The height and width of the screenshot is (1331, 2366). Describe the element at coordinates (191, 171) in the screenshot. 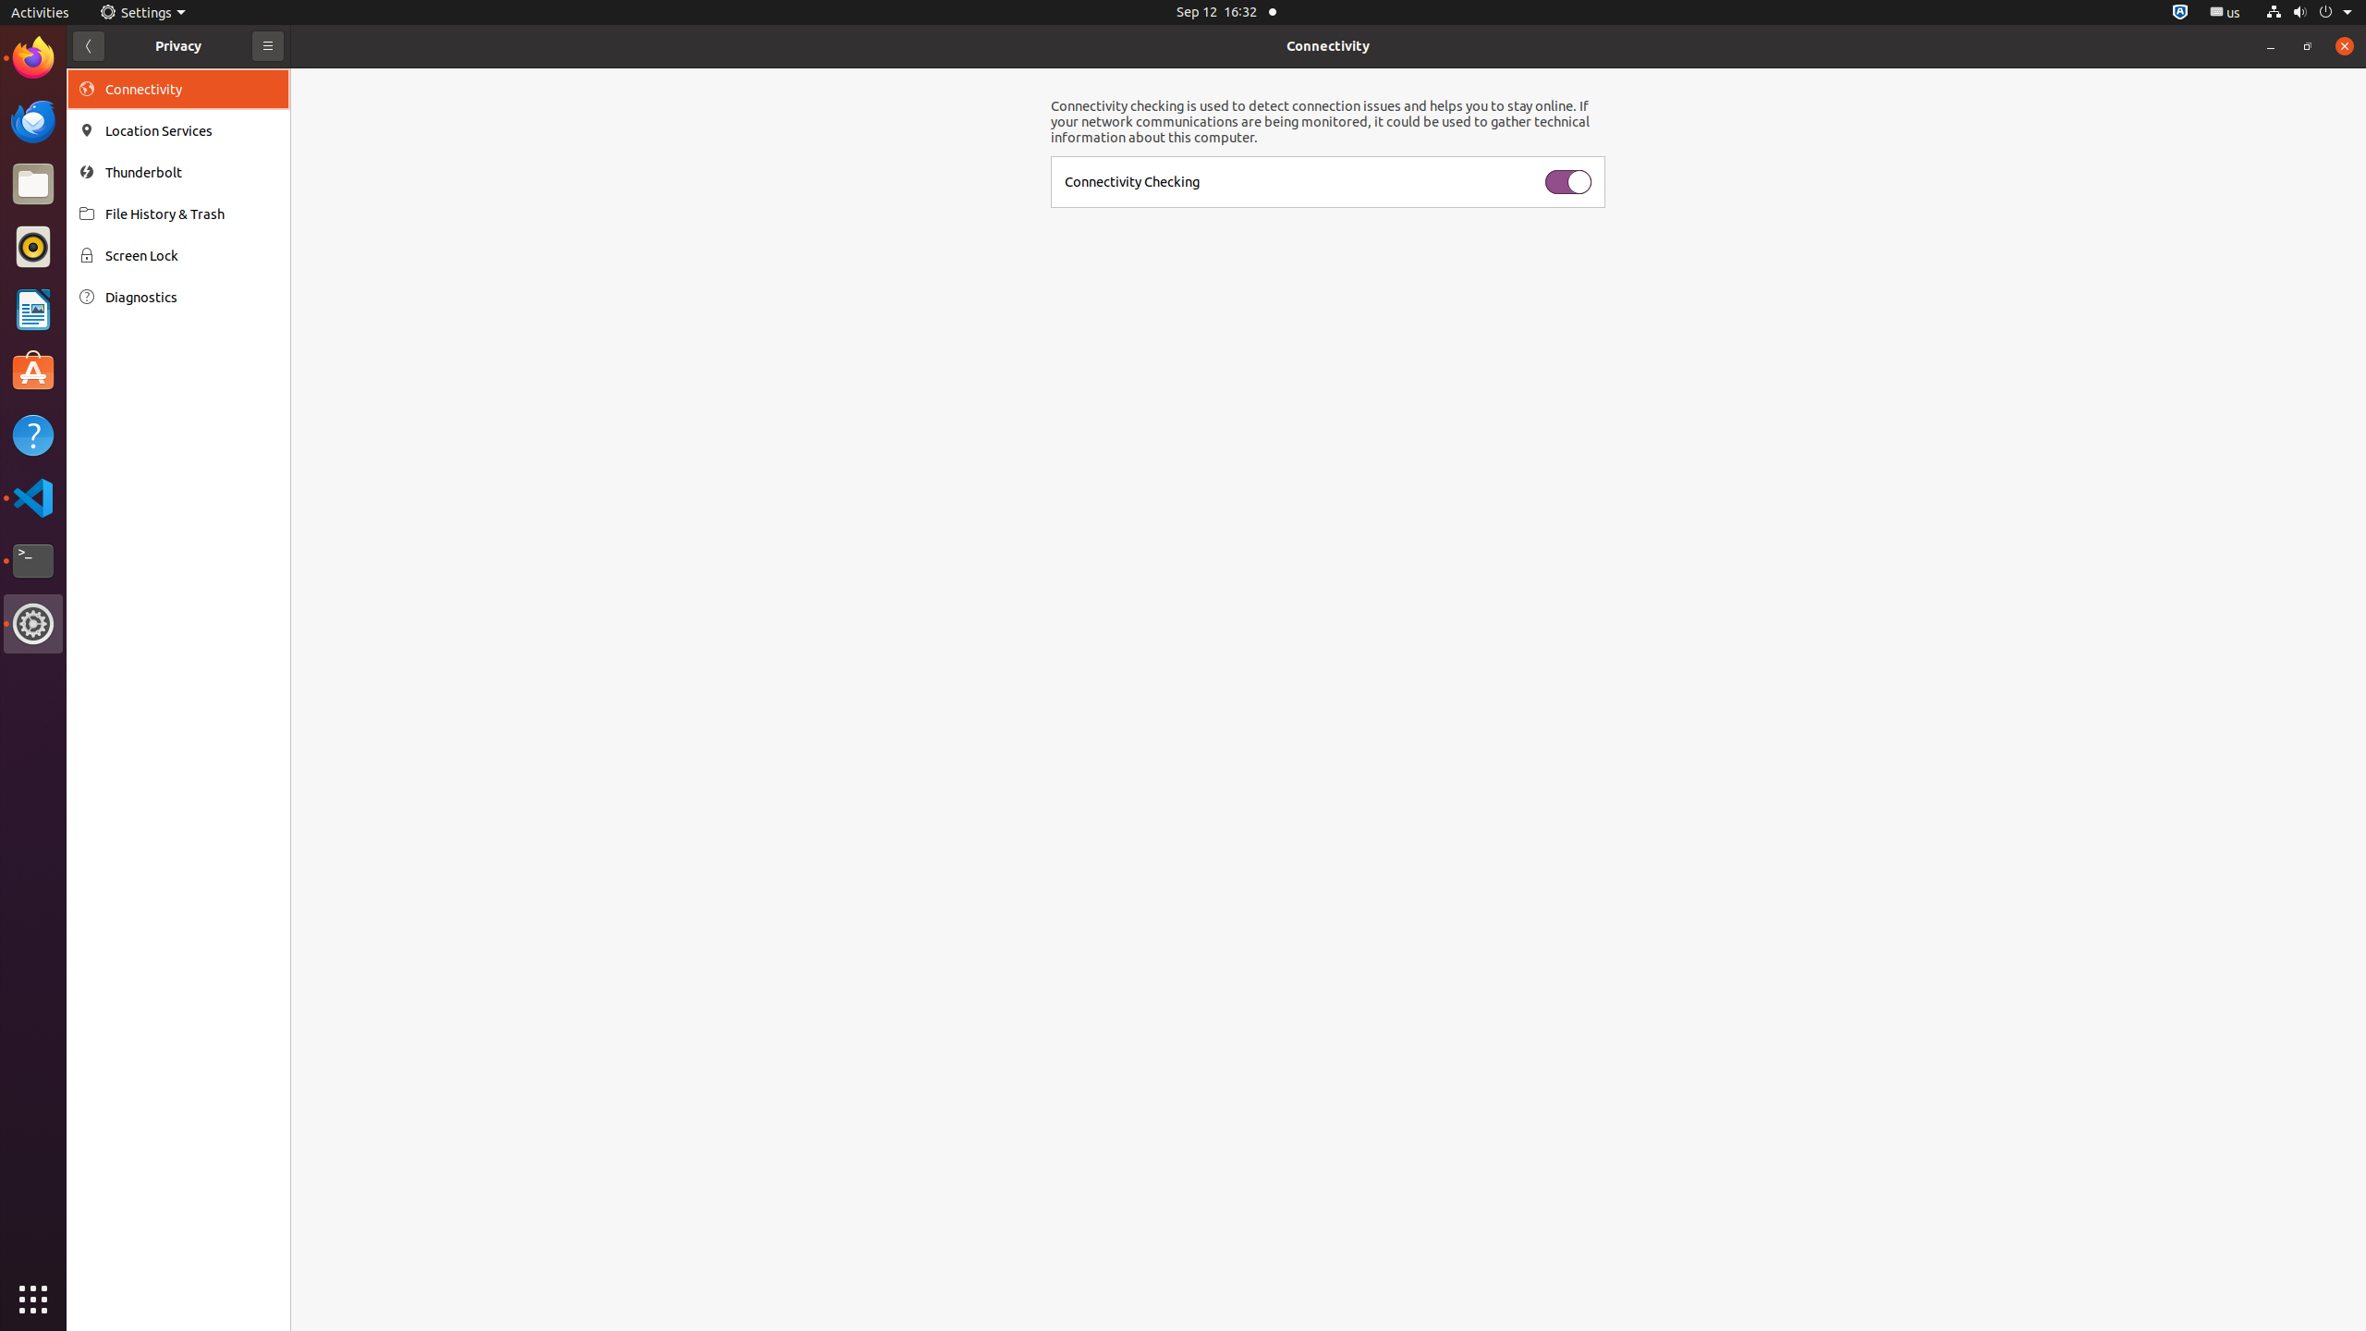

I see `'Thunderbolt'` at that location.